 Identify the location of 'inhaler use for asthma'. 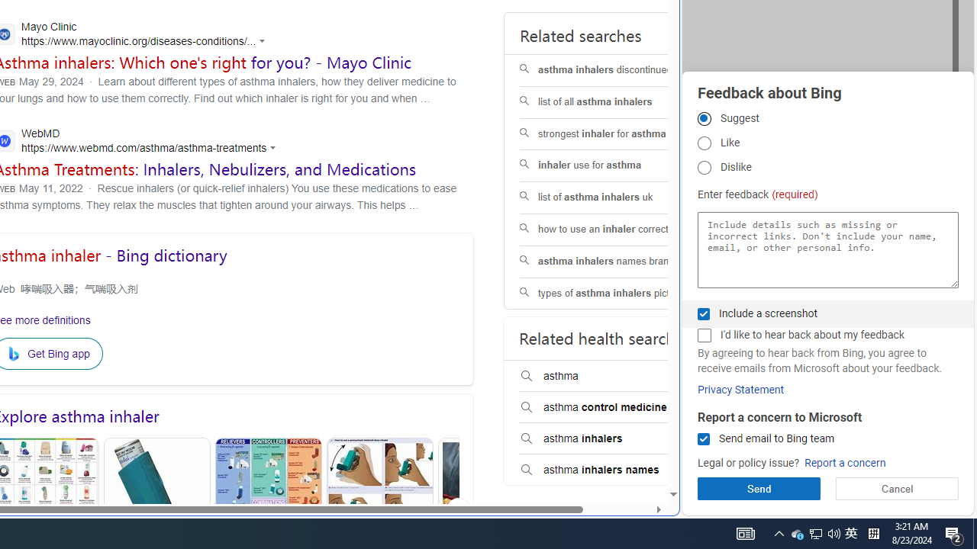
(616, 166).